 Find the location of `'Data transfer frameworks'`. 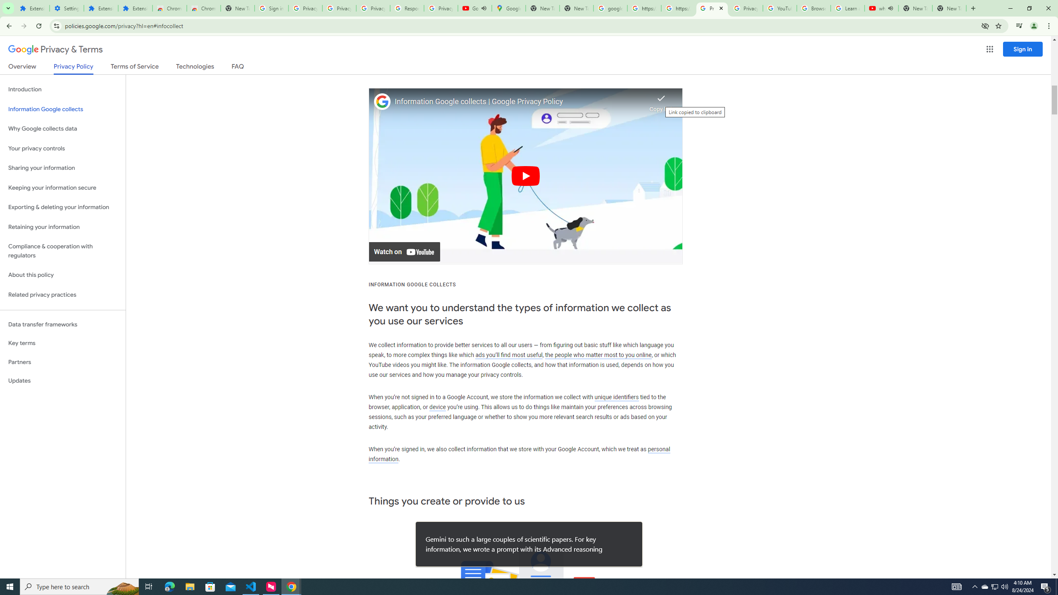

'Data transfer frameworks' is located at coordinates (62, 324).